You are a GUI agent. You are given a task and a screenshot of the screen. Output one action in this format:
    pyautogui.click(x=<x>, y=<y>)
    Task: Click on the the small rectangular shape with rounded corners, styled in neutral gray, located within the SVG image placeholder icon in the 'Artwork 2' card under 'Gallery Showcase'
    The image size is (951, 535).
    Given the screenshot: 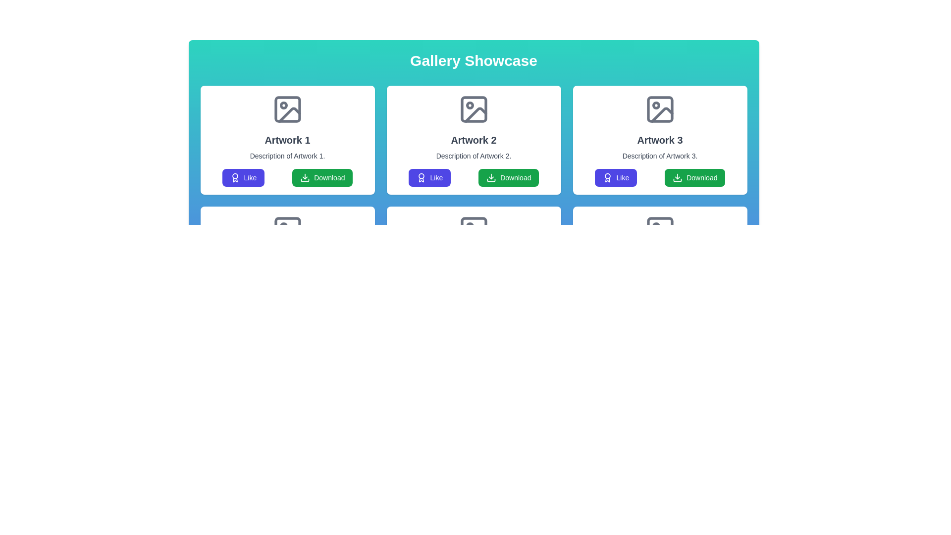 What is the action you would take?
    pyautogui.click(x=473, y=109)
    